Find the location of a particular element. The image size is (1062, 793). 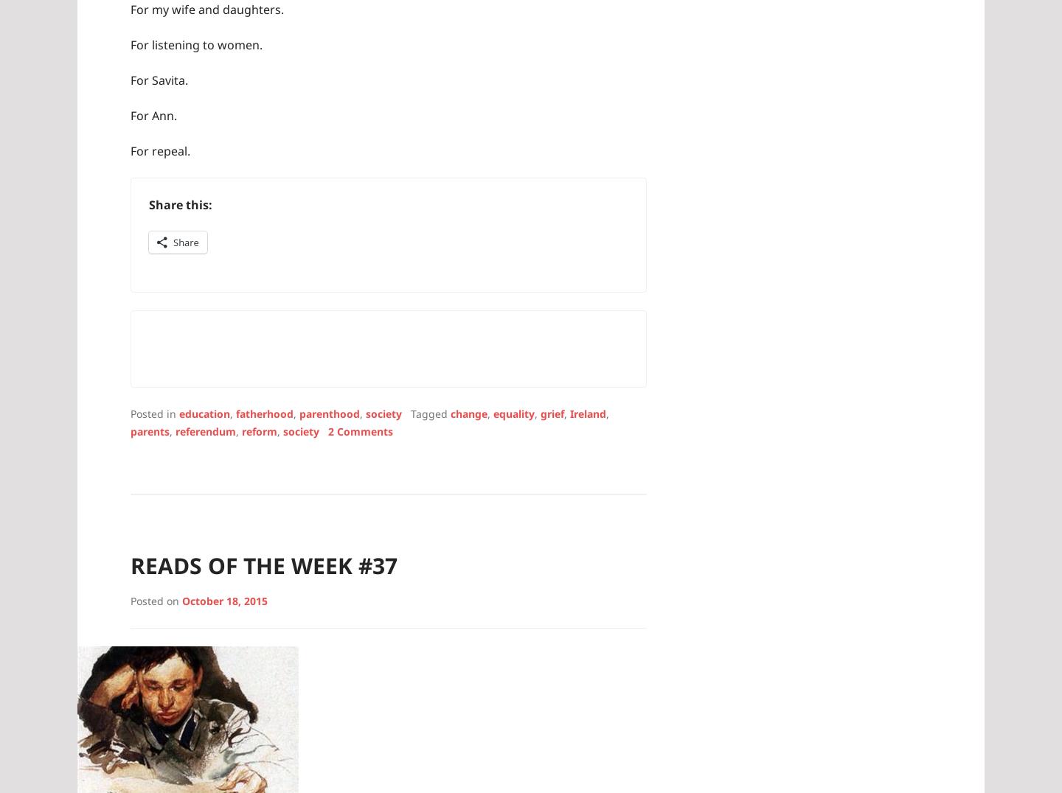

'equality' is located at coordinates (513, 412).